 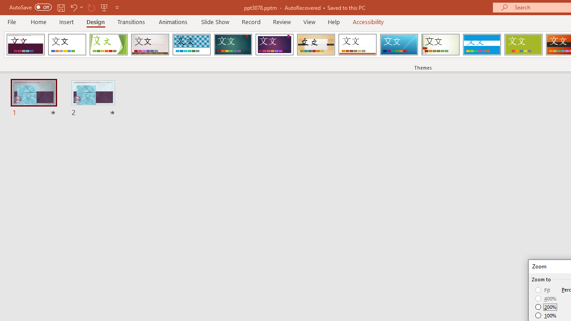 What do you see at coordinates (316, 45) in the screenshot?
I see `'Organic'` at bounding box center [316, 45].